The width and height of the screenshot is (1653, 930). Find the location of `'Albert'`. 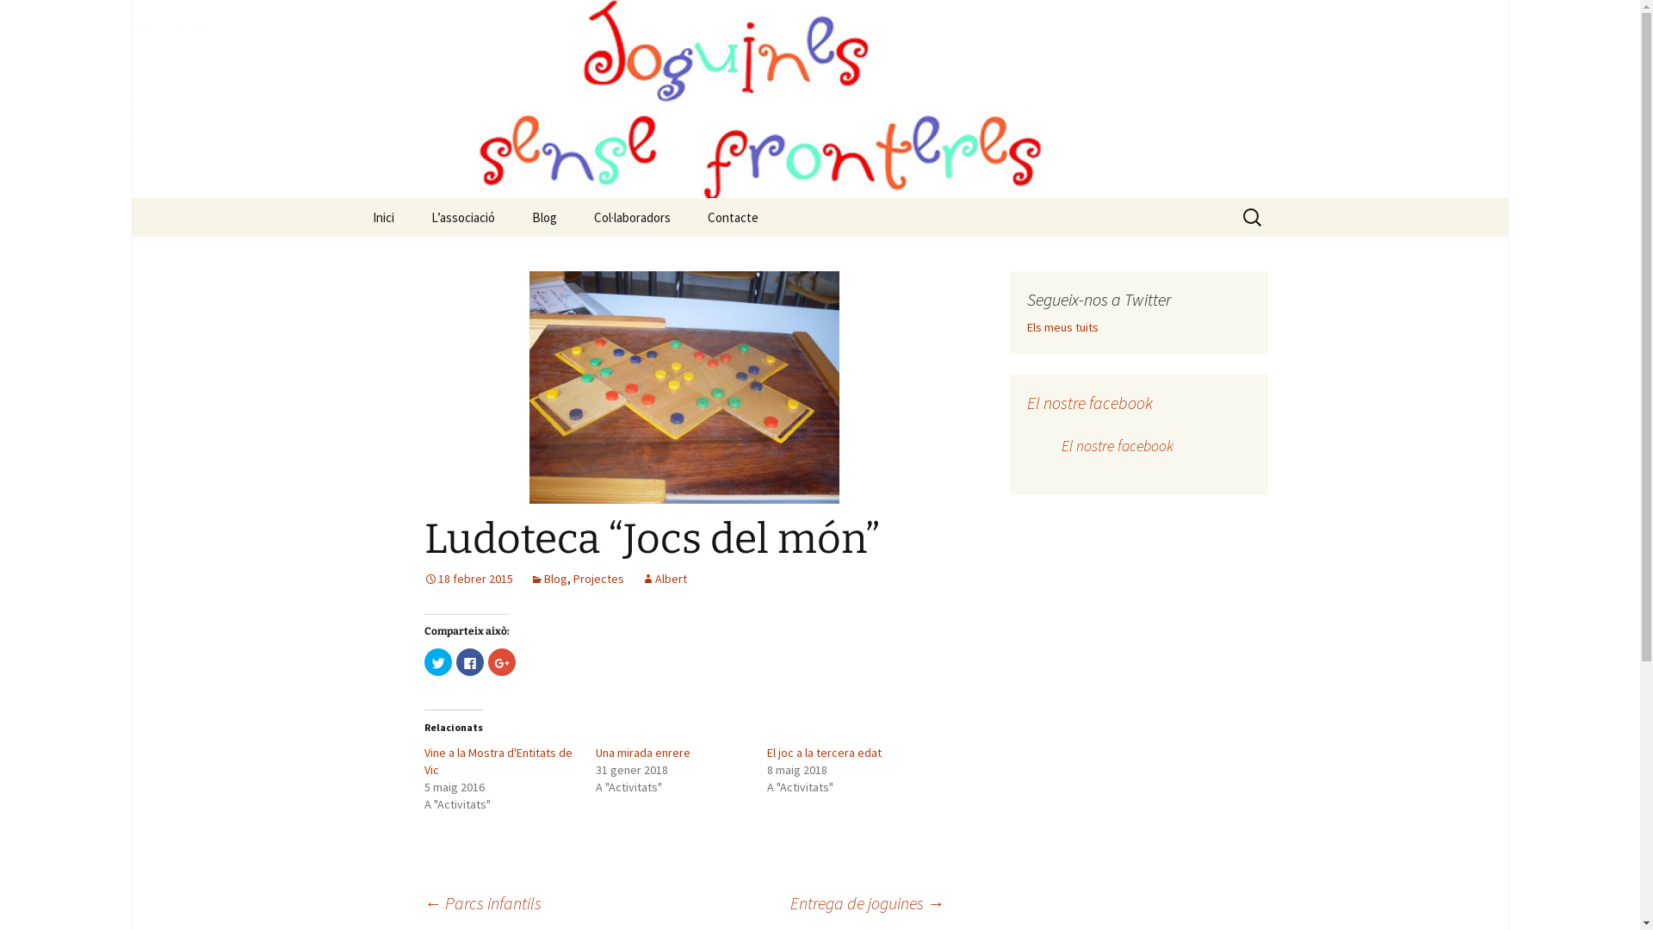

'Albert' is located at coordinates (662, 578).